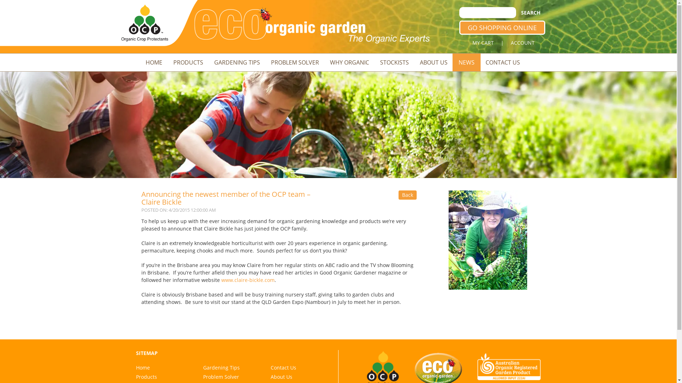  I want to click on 'PRODUCTS', so click(188, 62).